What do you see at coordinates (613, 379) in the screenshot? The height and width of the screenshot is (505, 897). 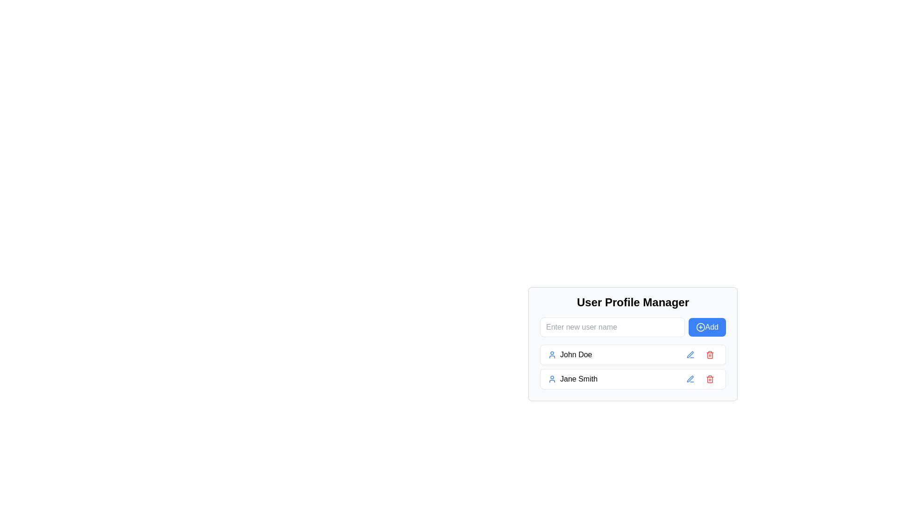 I see `the user profile entry labeled 'Jane Smith', which is the second item in the list of profiles within the 'User Profile Manager' interface` at bounding box center [613, 379].